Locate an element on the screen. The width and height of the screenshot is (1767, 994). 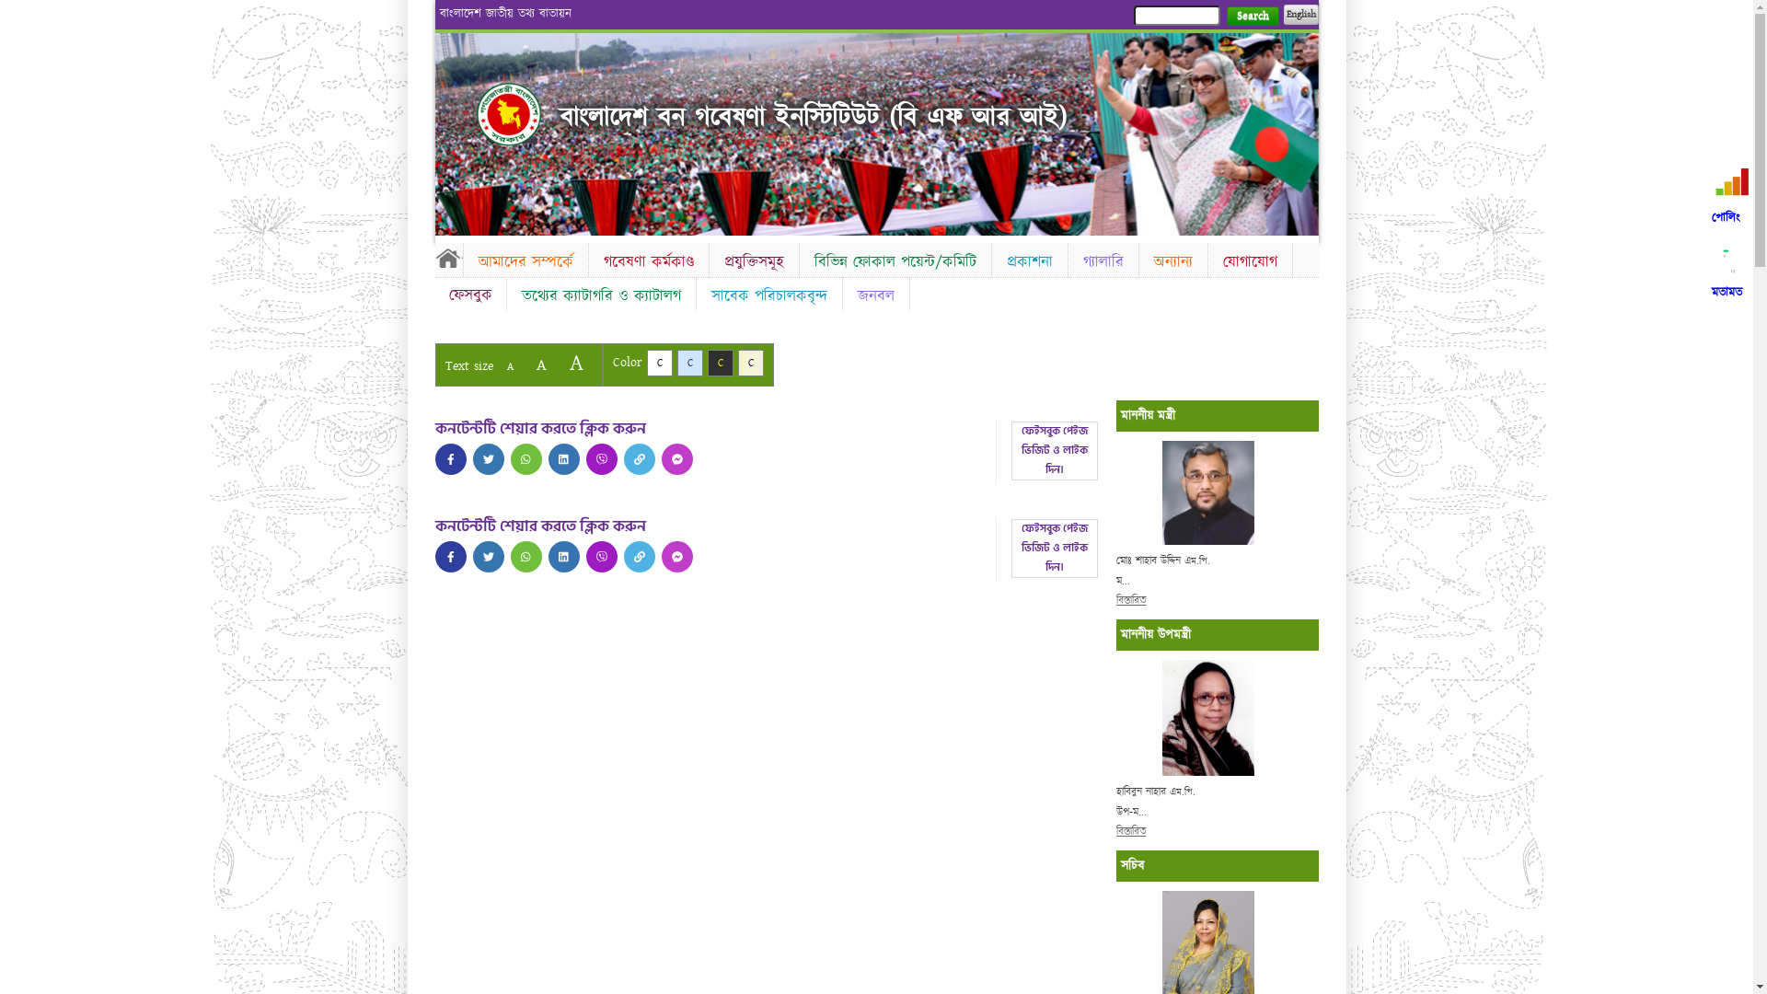
'A' is located at coordinates (539, 364).